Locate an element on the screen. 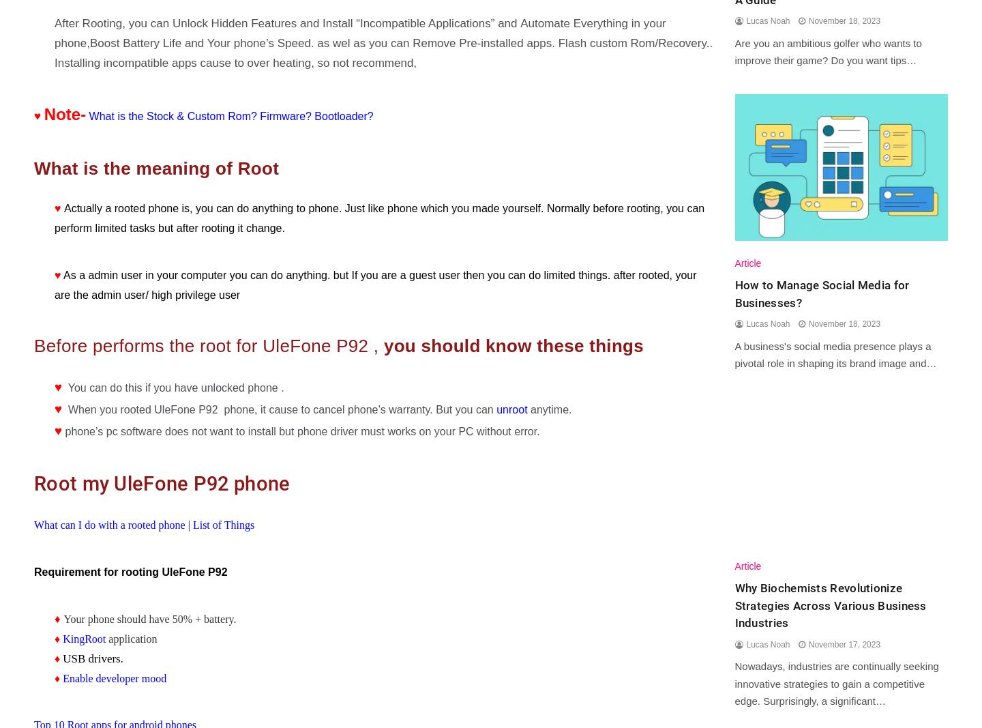 Image resolution: width=982 pixels, height=728 pixels. 'What can I do with a rooted phone | List of Things' is located at coordinates (144, 524).